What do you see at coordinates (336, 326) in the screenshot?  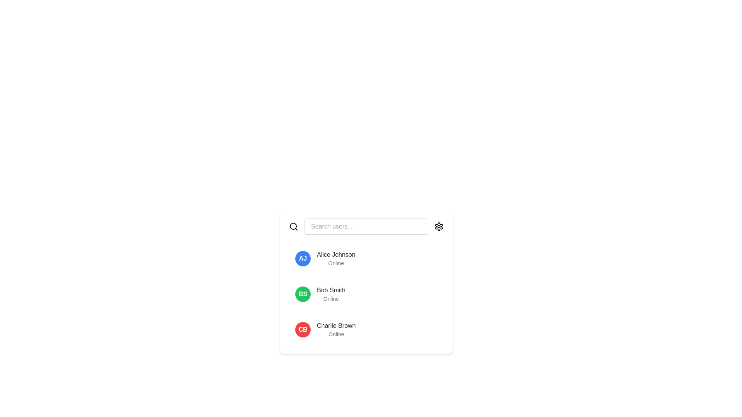 I see `the static text label displaying 'Charlie Brown', which is positioned above the lighter text label 'Online' and associated with a circular red avatar showing 'CB'` at bounding box center [336, 326].